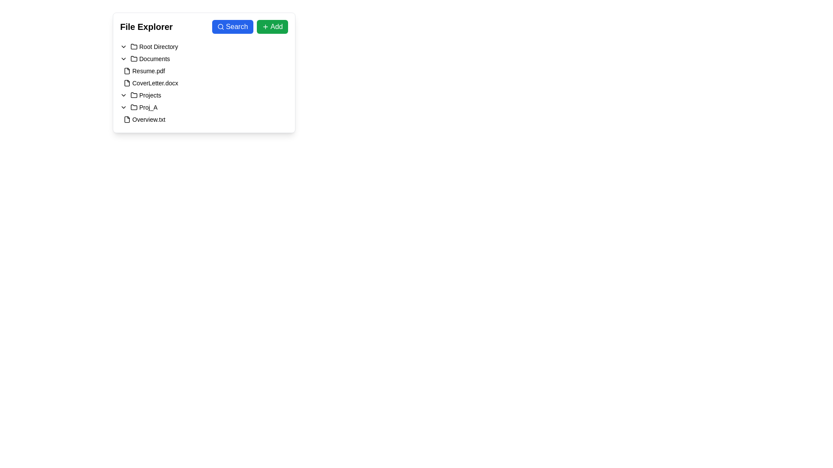 This screenshot has height=468, width=833. Describe the element at coordinates (144, 71) in the screenshot. I see `the 'Resume.pdf' file` at that location.